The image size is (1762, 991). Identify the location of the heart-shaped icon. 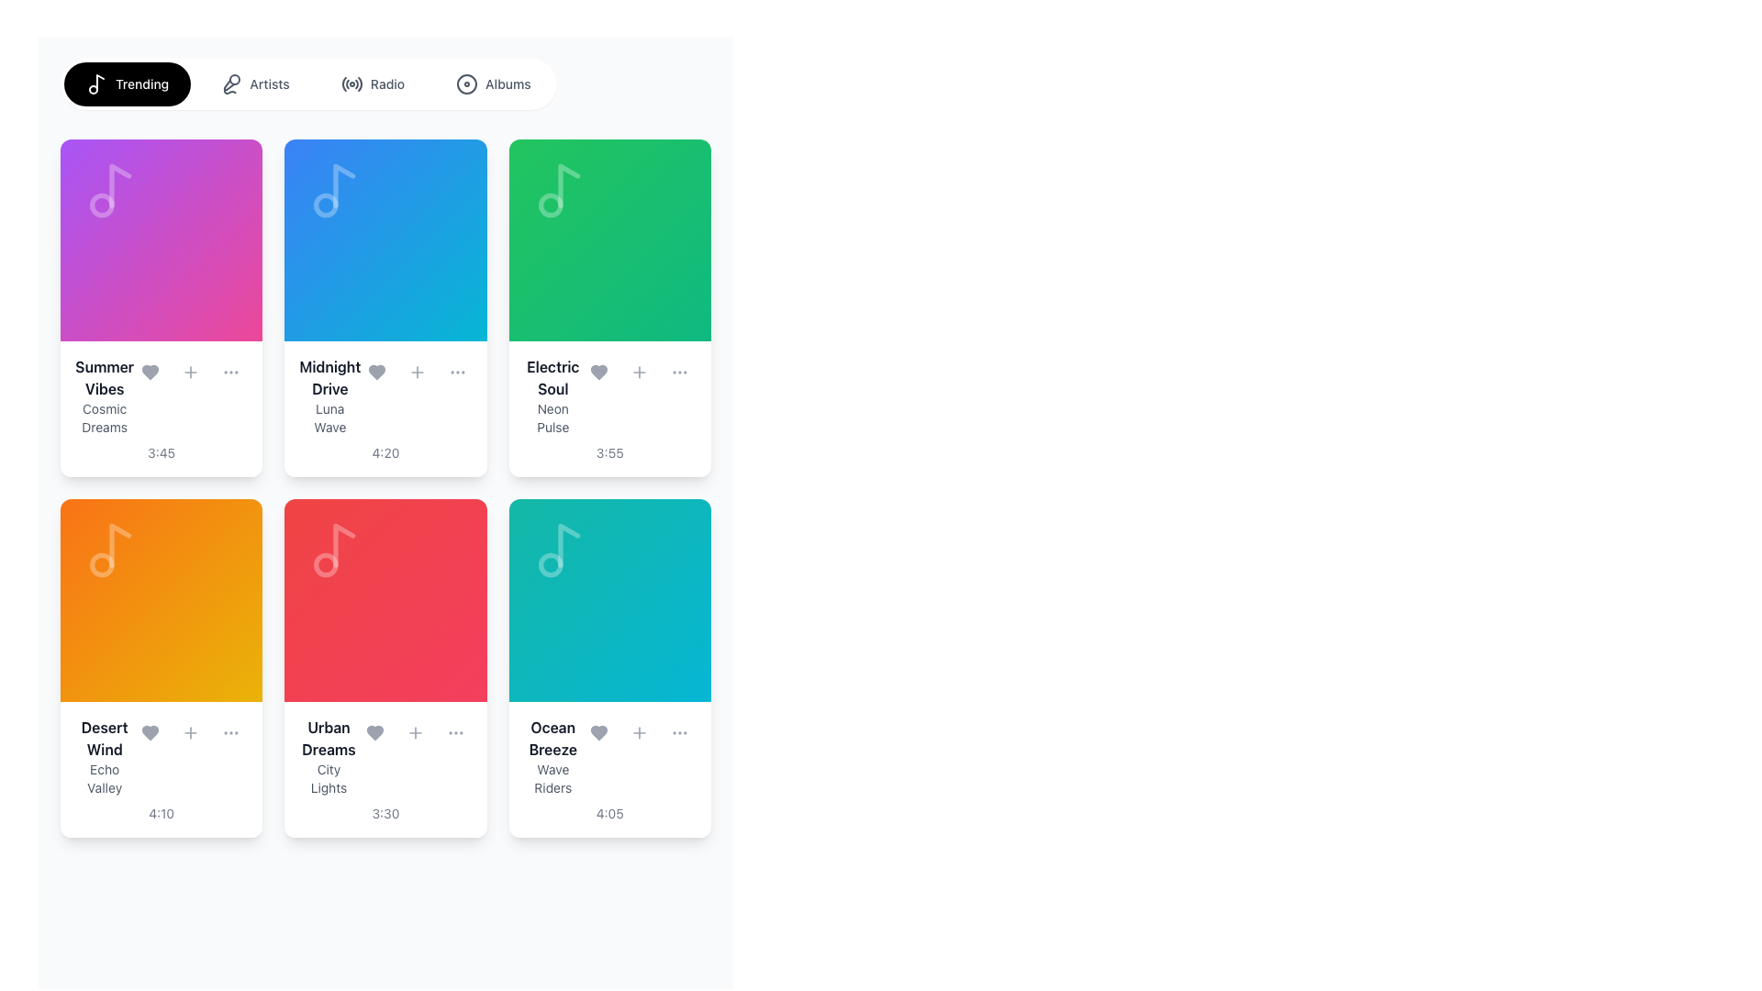
(151, 372).